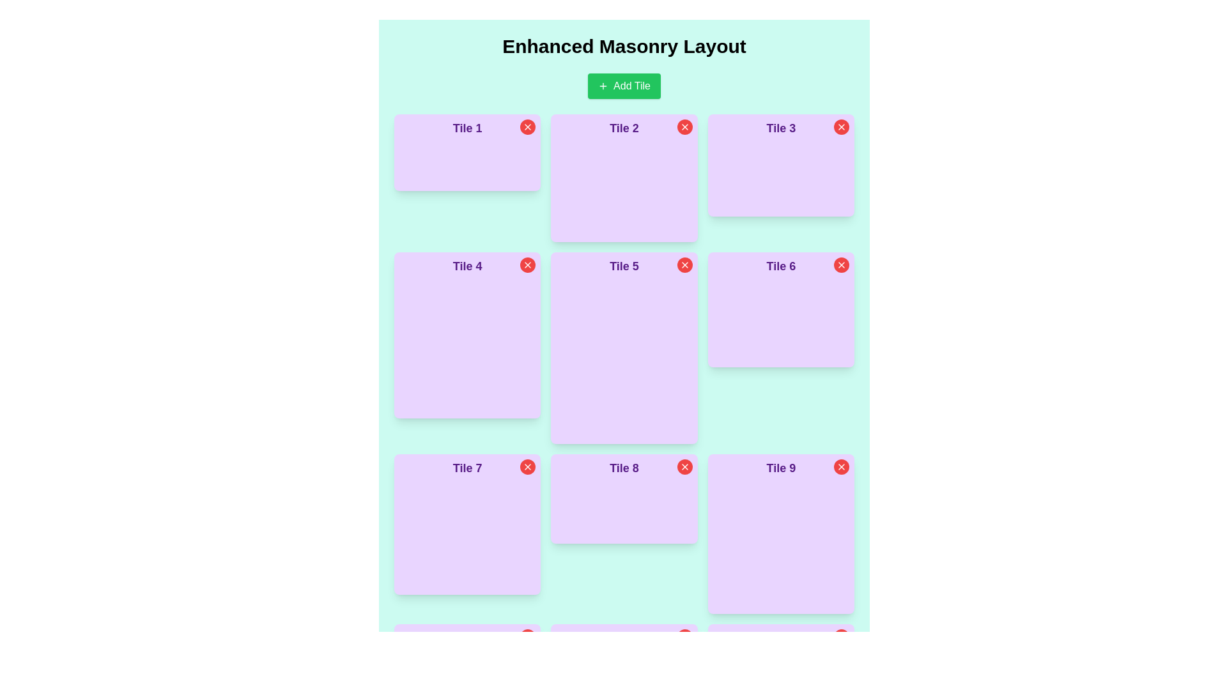 The image size is (1227, 690). Describe the element at coordinates (684, 467) in the screenshot. I see `the close button located in the top-right corner of 'Tile 8'` at that location.